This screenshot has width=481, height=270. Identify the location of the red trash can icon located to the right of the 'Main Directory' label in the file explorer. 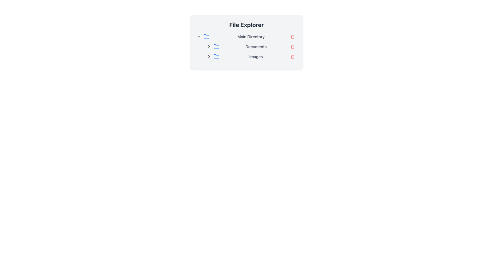
(292, 36).